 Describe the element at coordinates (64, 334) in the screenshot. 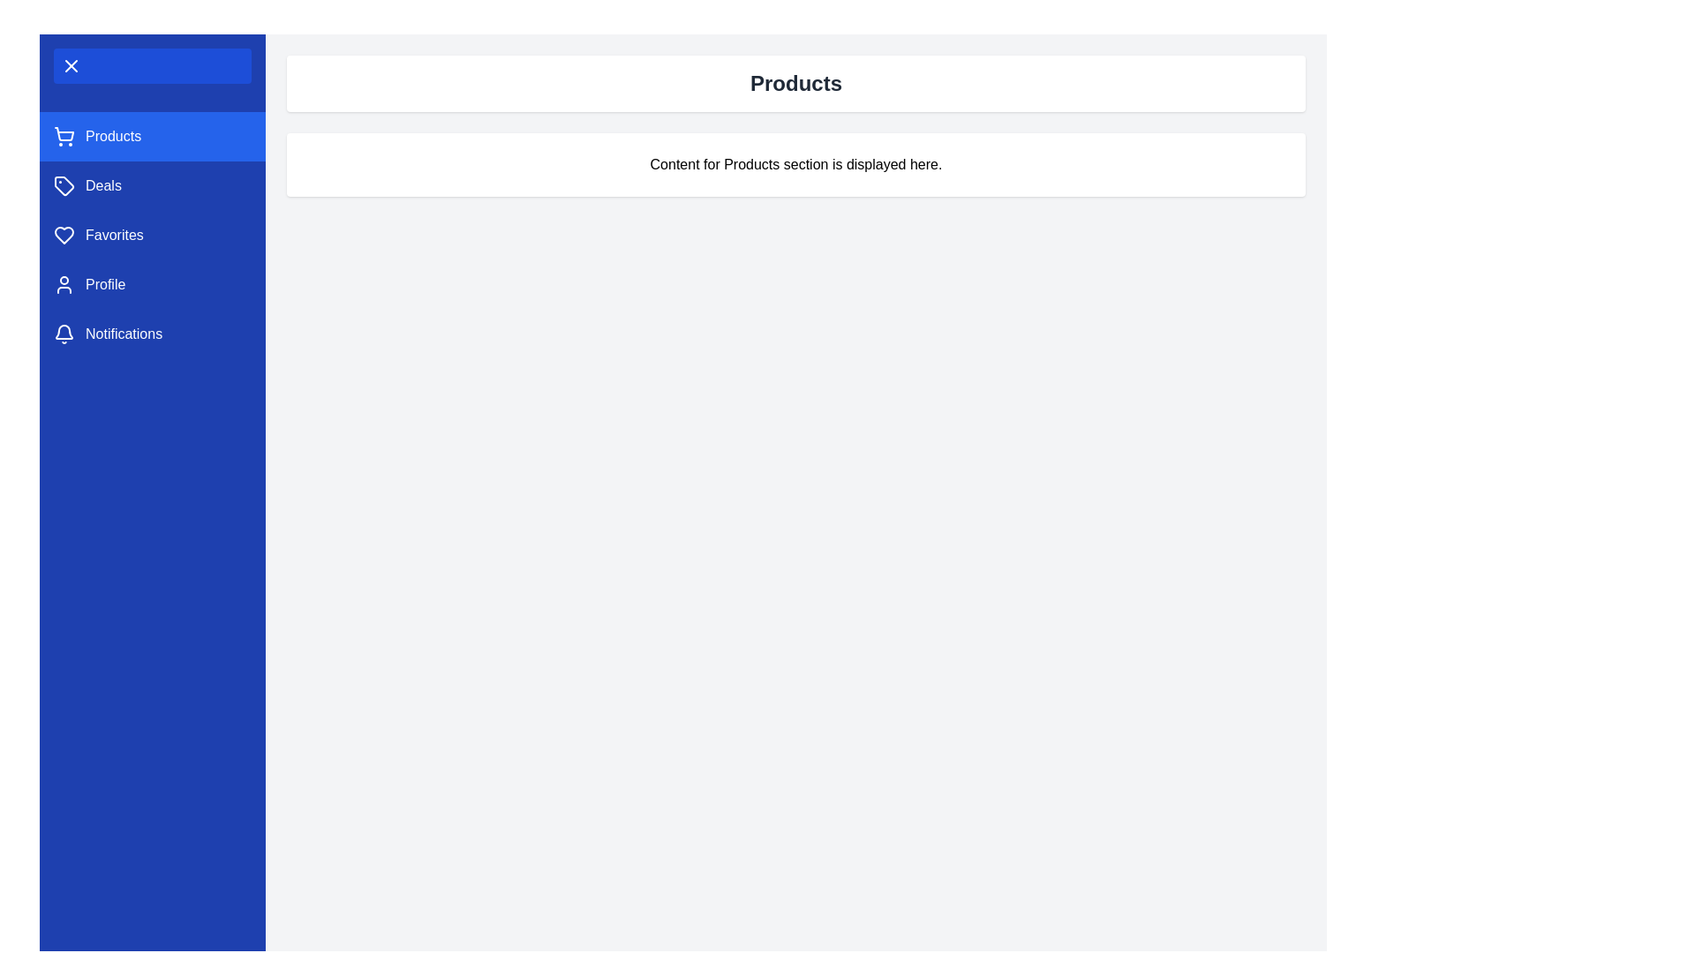

I see `the bell icon representing the 'Notifications' menu item in the left sidebar, which is the last icon in the sequence of menu options` at that location.